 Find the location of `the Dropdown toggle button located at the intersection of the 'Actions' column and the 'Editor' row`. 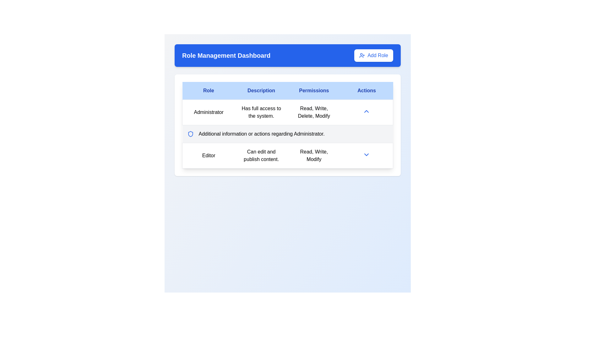

the Dropdown toggle button located at the intersection of the 'Actions' column and the 'Editor' row is located at coordinates (367, 155).